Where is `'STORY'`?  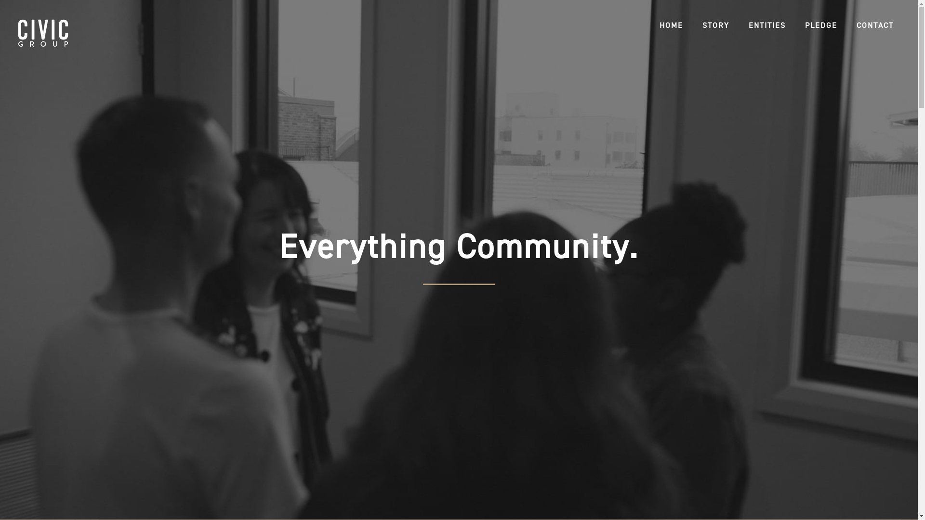
'STORY' is located at coordinates (716, 25).